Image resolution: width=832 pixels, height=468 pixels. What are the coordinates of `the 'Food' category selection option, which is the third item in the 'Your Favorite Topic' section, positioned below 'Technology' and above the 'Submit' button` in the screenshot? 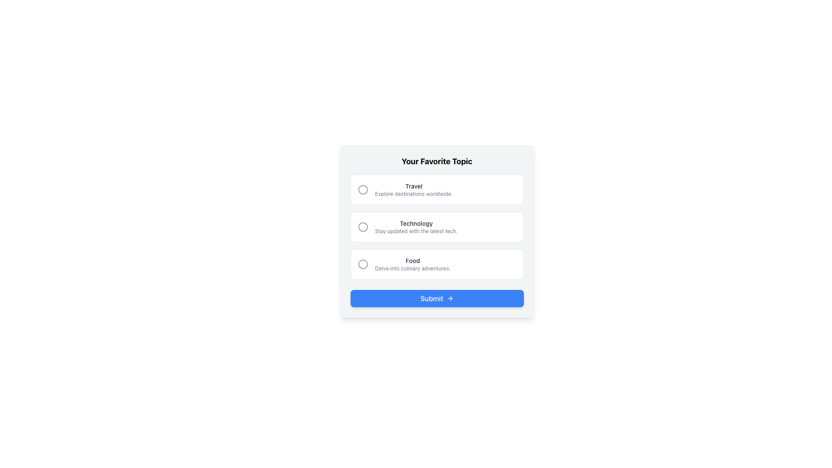 It's located at (437, 263).